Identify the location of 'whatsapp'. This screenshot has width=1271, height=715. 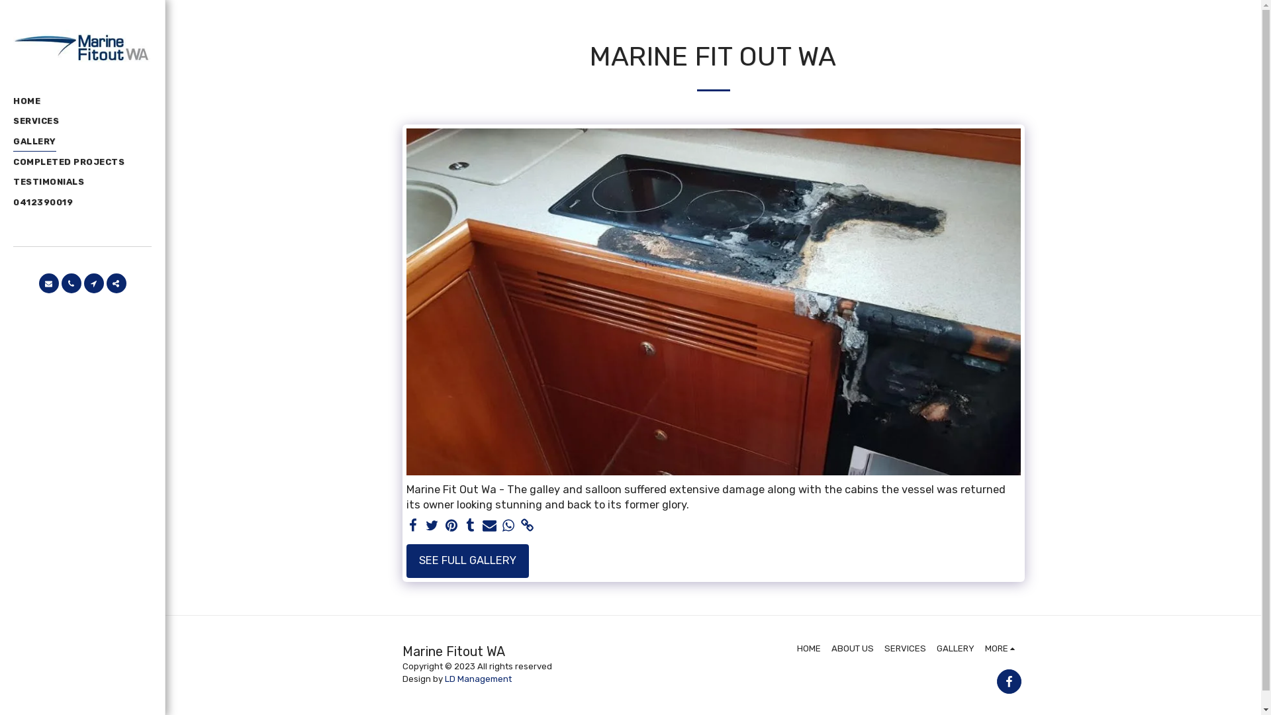
(508, 525).